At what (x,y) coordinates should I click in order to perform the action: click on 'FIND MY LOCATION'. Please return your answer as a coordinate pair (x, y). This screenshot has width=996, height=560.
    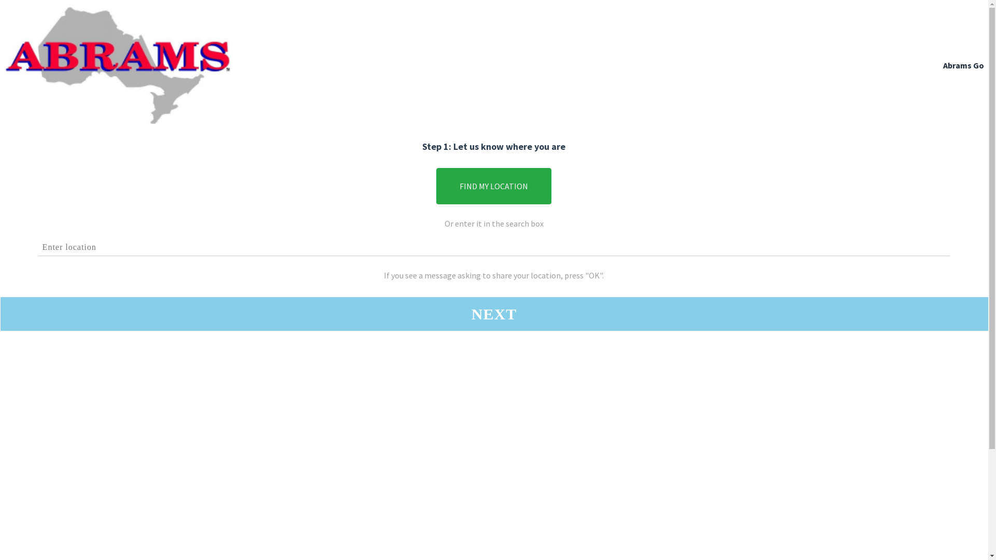
    Looking at the image, I should click on (493, 185).